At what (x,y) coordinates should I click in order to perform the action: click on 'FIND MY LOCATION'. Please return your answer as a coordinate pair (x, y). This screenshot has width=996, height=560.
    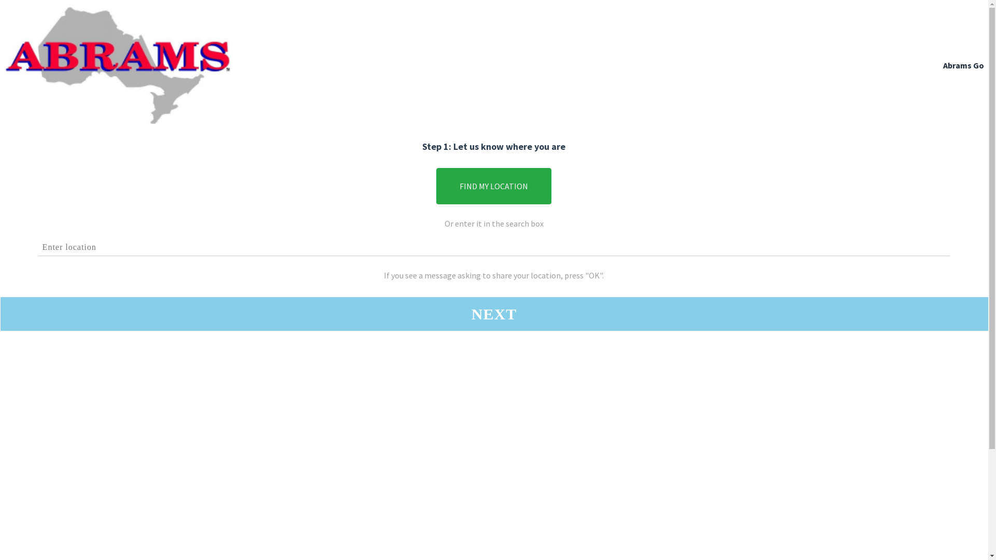
    Looking at the image, I should click on (493, 185).